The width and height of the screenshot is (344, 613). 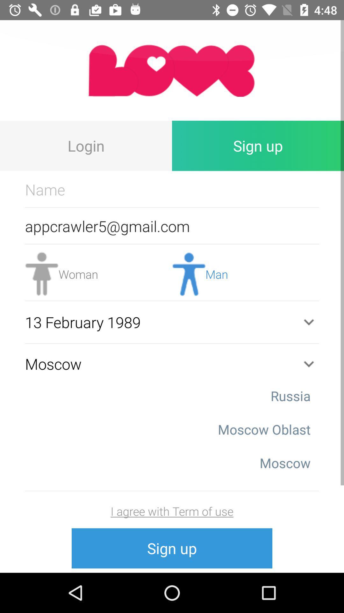 I want to click on open this card, so click(x=172, y=70).